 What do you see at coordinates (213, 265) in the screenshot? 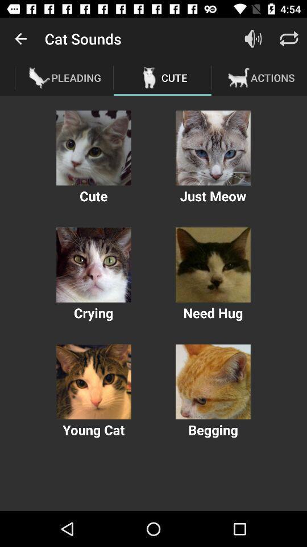
I see `sound option` at bounding box center [213, 265].